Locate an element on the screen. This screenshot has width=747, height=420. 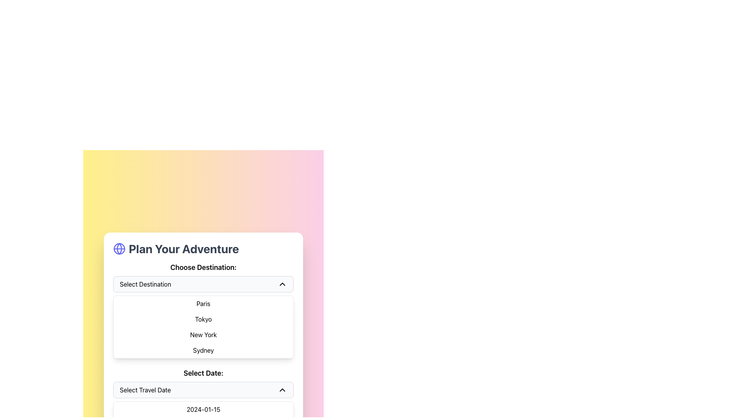
the 'Select Travel Date' dropdown button via keyboard navigation is located at coordinates (203, 390).